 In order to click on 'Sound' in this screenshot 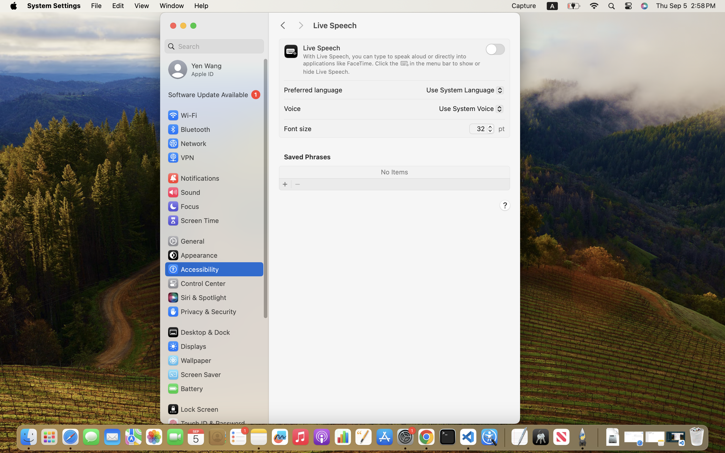, I will do `click(184, 192)`.